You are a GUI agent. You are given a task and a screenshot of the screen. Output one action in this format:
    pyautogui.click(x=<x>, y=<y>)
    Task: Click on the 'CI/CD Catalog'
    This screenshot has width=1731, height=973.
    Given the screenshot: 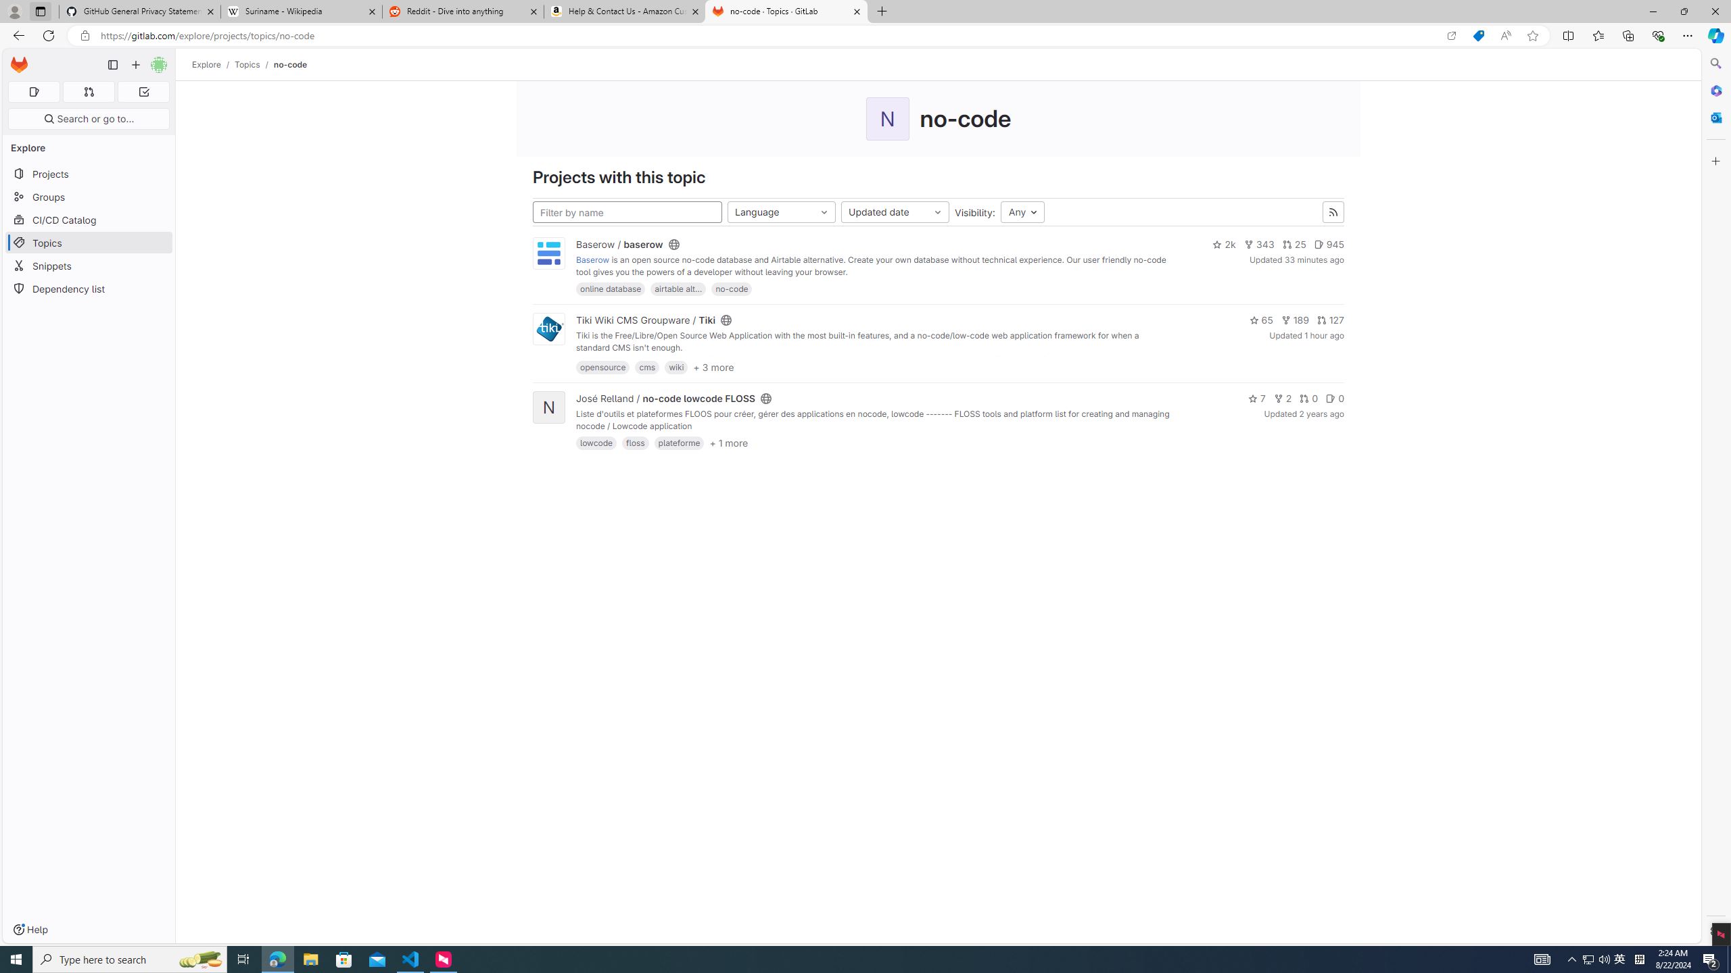 What is the action you would take?
    pyautogui.click(x=88, y=220)
    